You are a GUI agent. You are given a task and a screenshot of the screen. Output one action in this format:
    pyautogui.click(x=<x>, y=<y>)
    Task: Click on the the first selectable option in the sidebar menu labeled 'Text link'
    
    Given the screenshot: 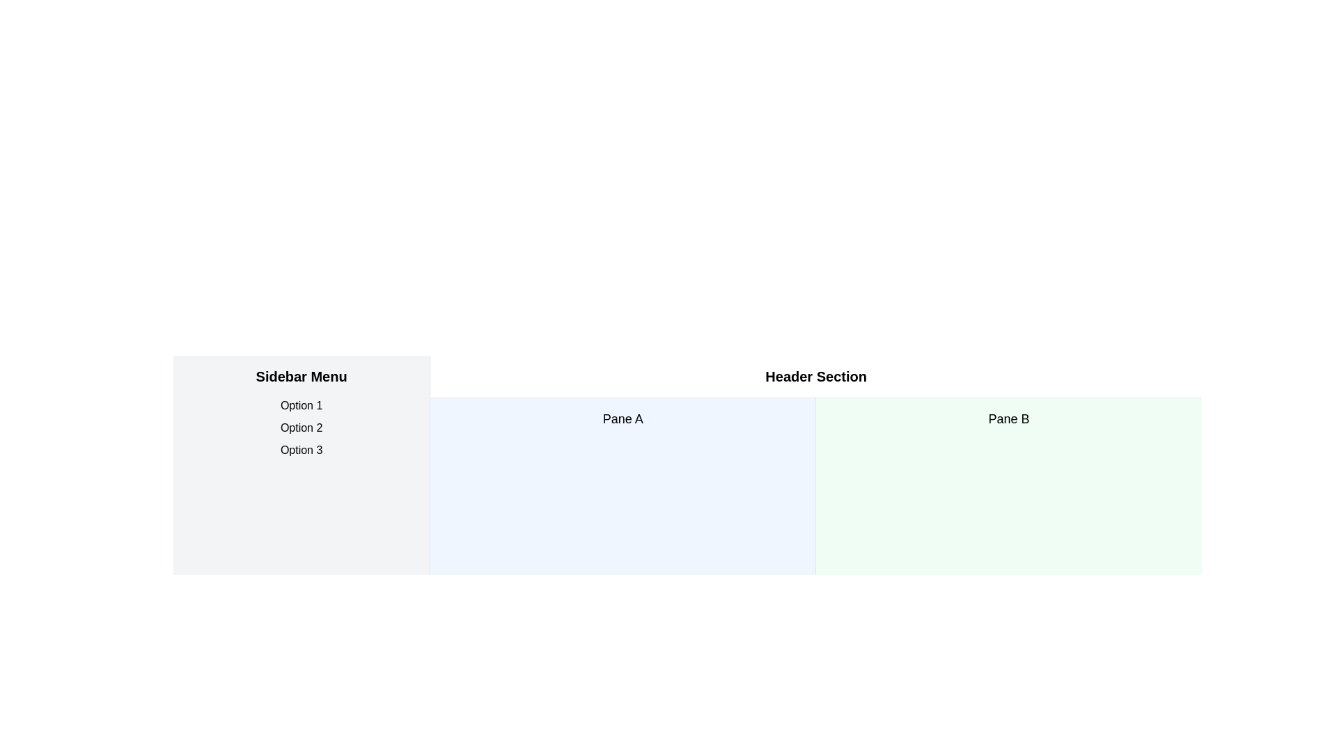 What is the action you would take?
    pyautogui.click(x=301, y=405)
    